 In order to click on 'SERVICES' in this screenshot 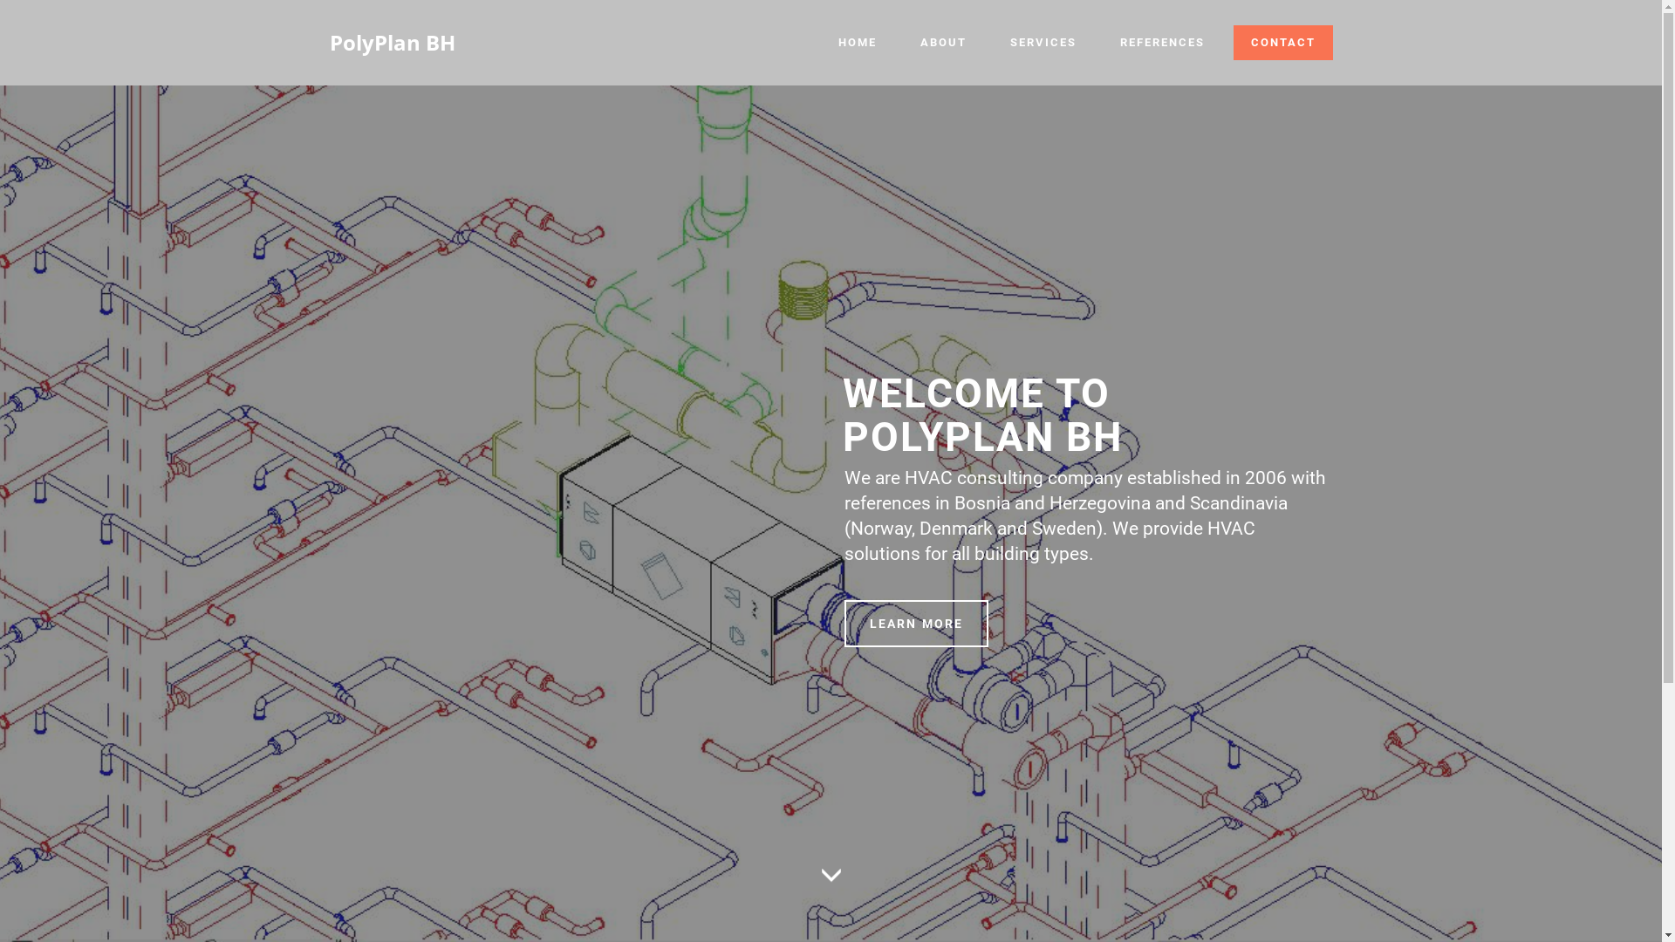, I will do `click(1043, 42)`.